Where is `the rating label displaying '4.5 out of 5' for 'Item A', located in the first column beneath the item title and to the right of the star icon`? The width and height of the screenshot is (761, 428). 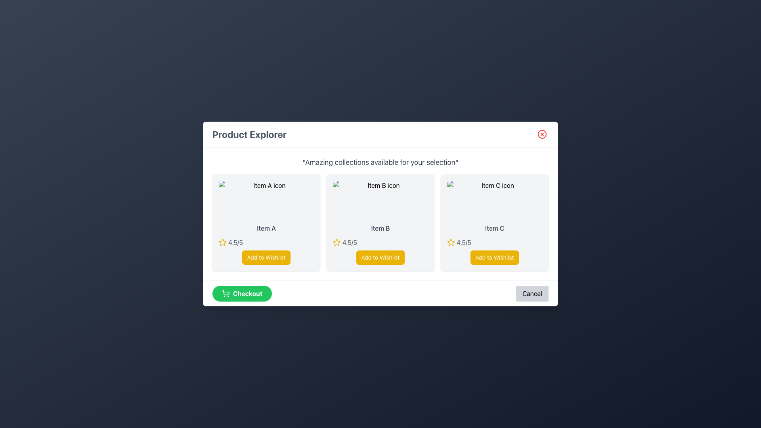
the rating label displaying '4.5 out of 5' for 'Item A', located in the first column beneath the item title and to the right of the star icon is located at coordinates (235, 242).